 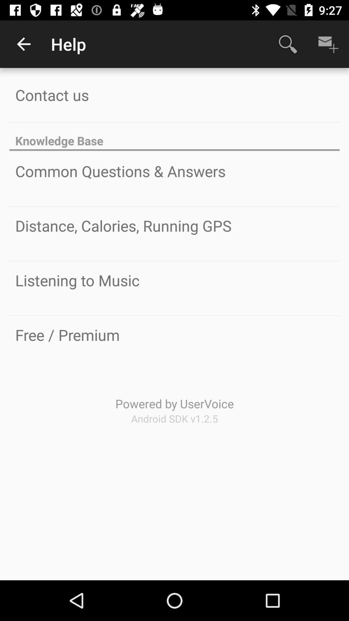 I want to click on free / premium icon, so click(x=67, y=335).